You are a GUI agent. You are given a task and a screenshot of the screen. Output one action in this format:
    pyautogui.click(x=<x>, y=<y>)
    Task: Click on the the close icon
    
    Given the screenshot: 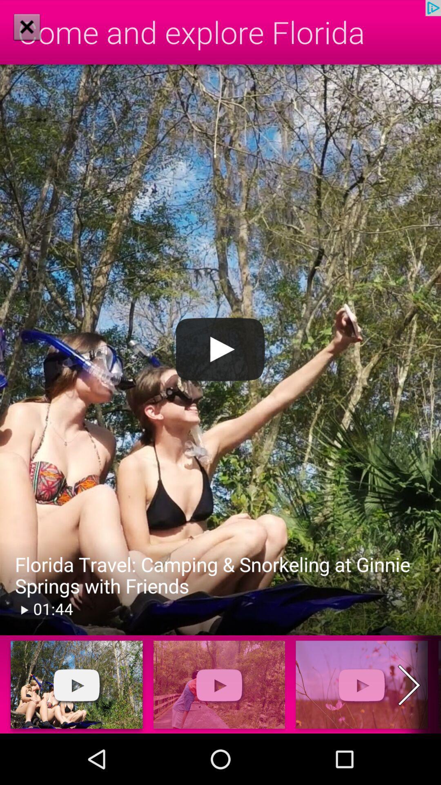 What is the action you would take?
    pyautogui.click(x=26, y=29)
    